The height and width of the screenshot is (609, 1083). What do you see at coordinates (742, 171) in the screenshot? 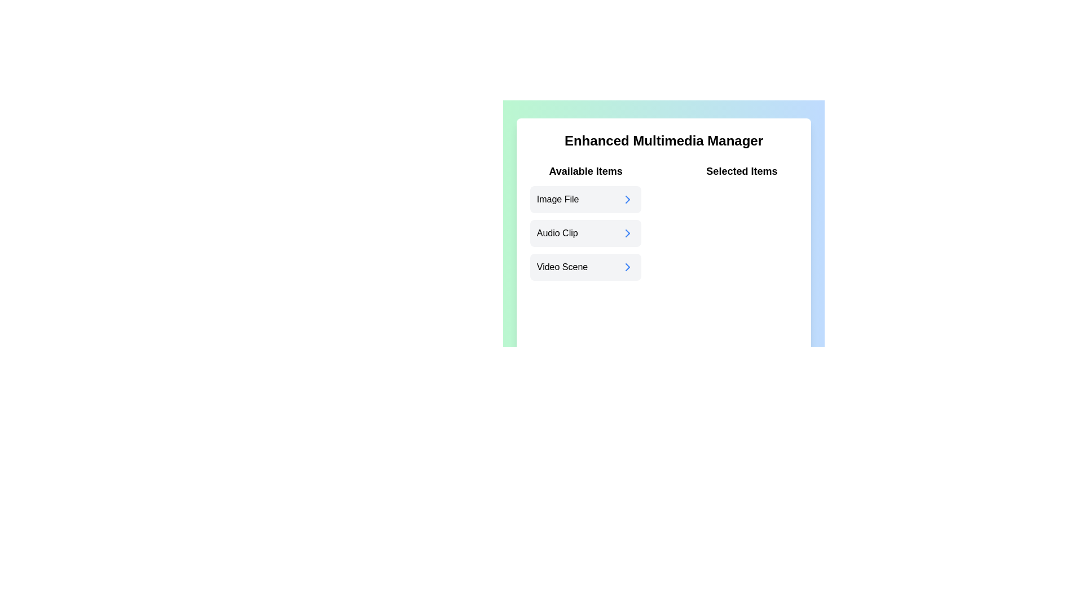
I see `the Header text or label indicating the section for selected items, located in the upper center-right section of the application's main content area` at bounding box center [742, 171].